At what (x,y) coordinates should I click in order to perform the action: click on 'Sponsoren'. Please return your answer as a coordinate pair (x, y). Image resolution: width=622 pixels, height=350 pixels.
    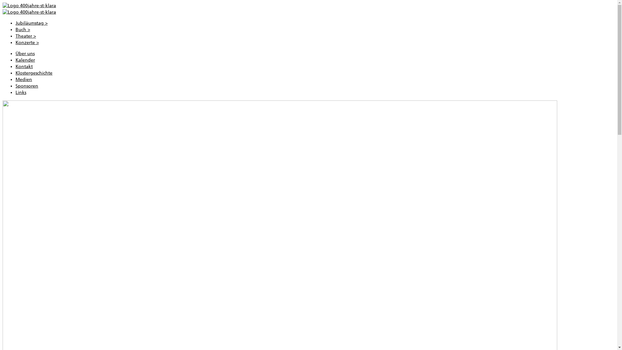
    Looking at the image, I should click on (26, 86).